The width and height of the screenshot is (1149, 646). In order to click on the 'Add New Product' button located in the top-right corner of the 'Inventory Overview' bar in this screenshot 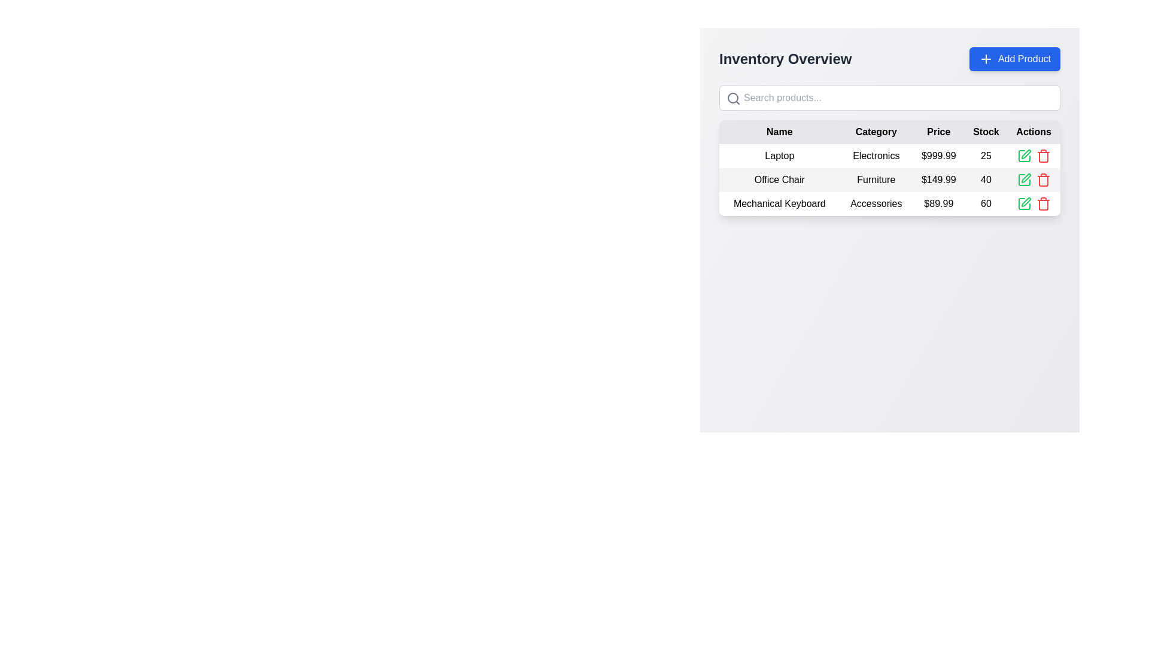, I will do `click(1014, 59)`.